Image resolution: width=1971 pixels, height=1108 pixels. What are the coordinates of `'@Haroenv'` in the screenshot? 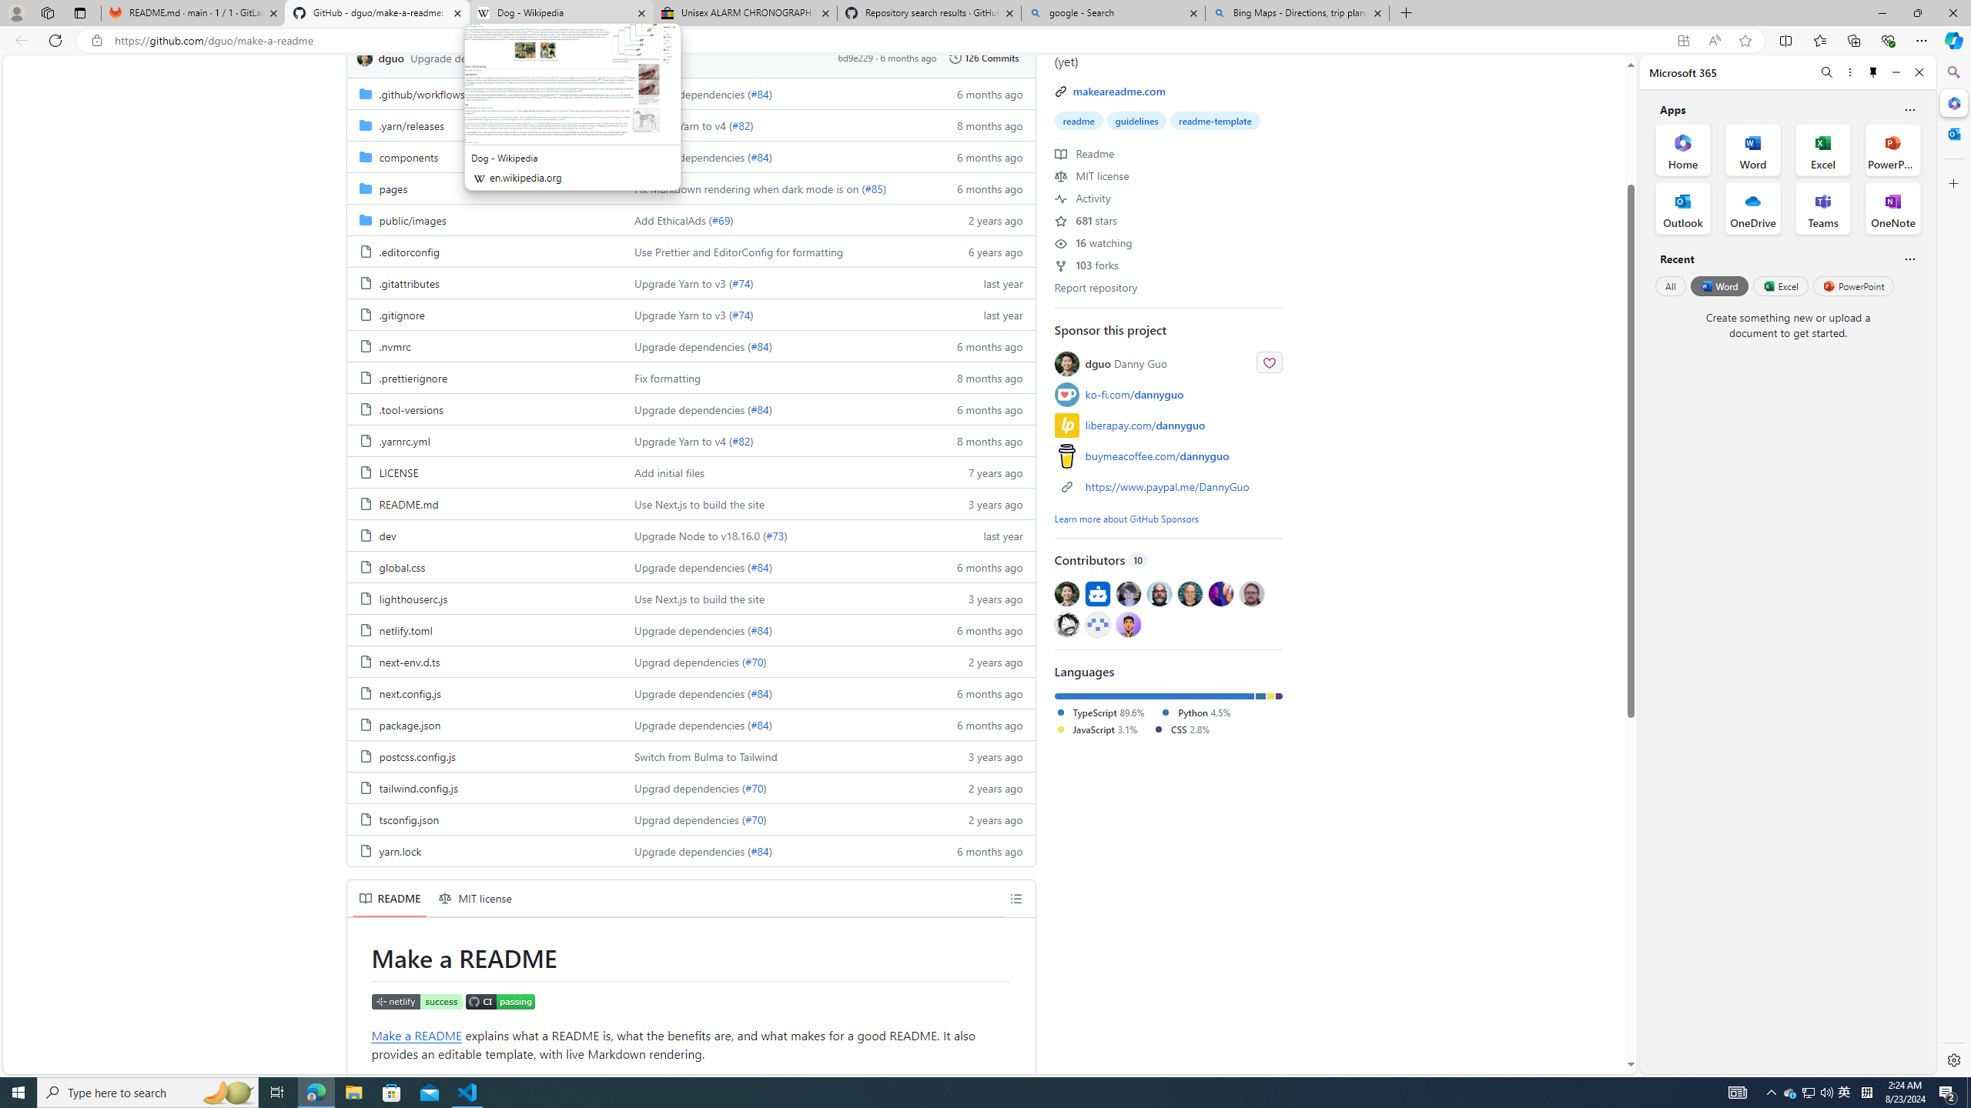 It's located at (1220, 592).